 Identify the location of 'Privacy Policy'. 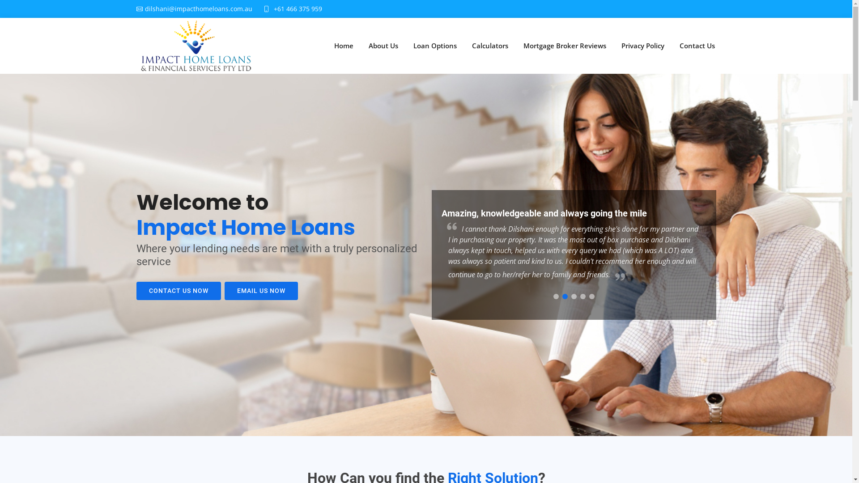
(642, 46).